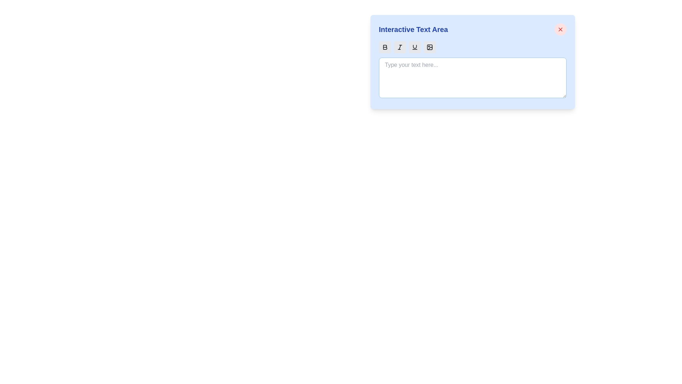 The width and height of the screenshot is (682, 384). Describe the element at coordinates (384, 47) in the screenshot. I see `the first icon button in the toolbar that toggles bold formatting for text to potentially see a tooltip with its functionality description` at that location.